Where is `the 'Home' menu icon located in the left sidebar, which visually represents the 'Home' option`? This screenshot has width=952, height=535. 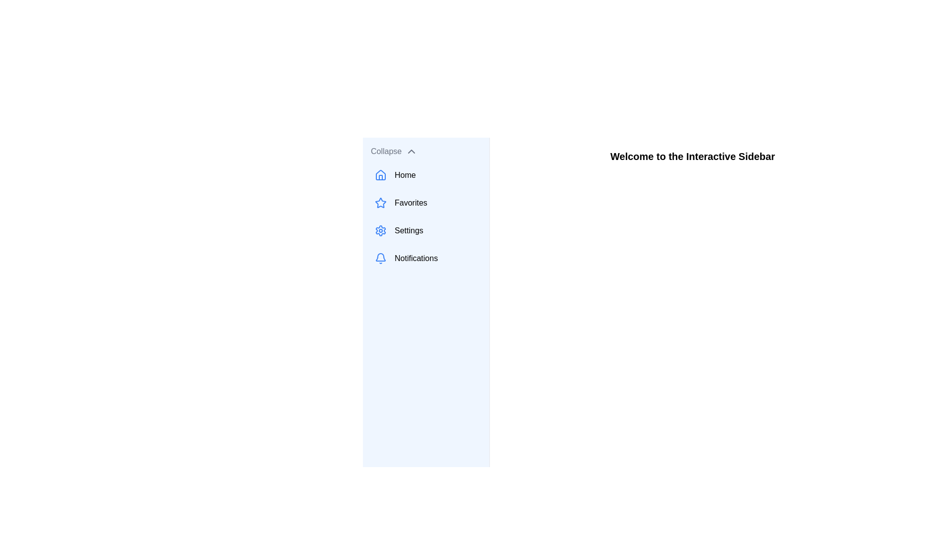 the 'Home' menu icon located in the left sidebar, which visually represents the 'Home' option is located at coordinates (380, 174).